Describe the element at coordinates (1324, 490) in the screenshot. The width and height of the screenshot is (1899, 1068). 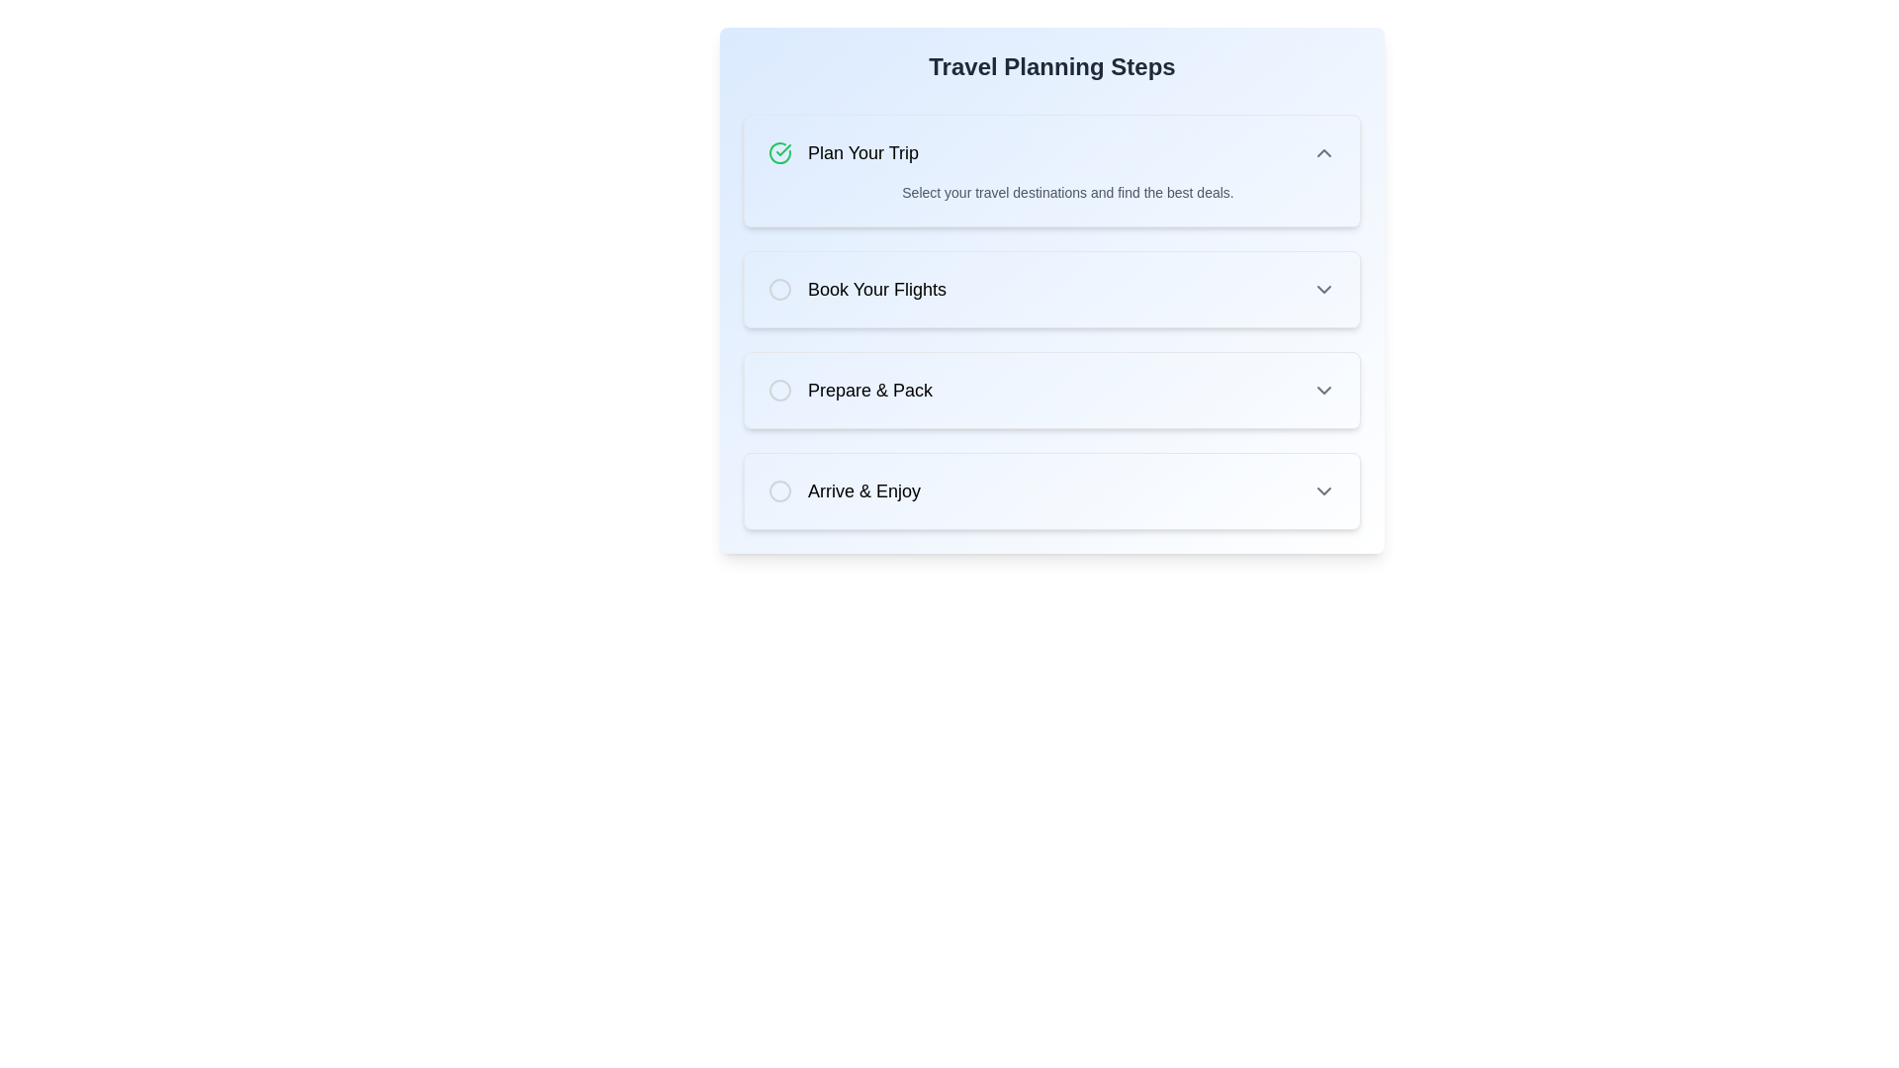
I see `the small gray chevron-down icon located at the far right of the 'Arrive & Enjoy' row` at that location.